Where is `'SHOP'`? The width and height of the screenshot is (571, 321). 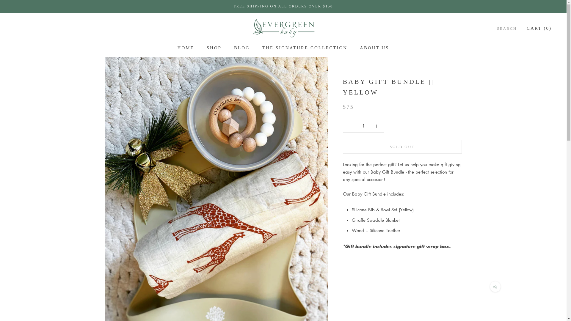 'SHOP' is located at coordinates (214, 48).